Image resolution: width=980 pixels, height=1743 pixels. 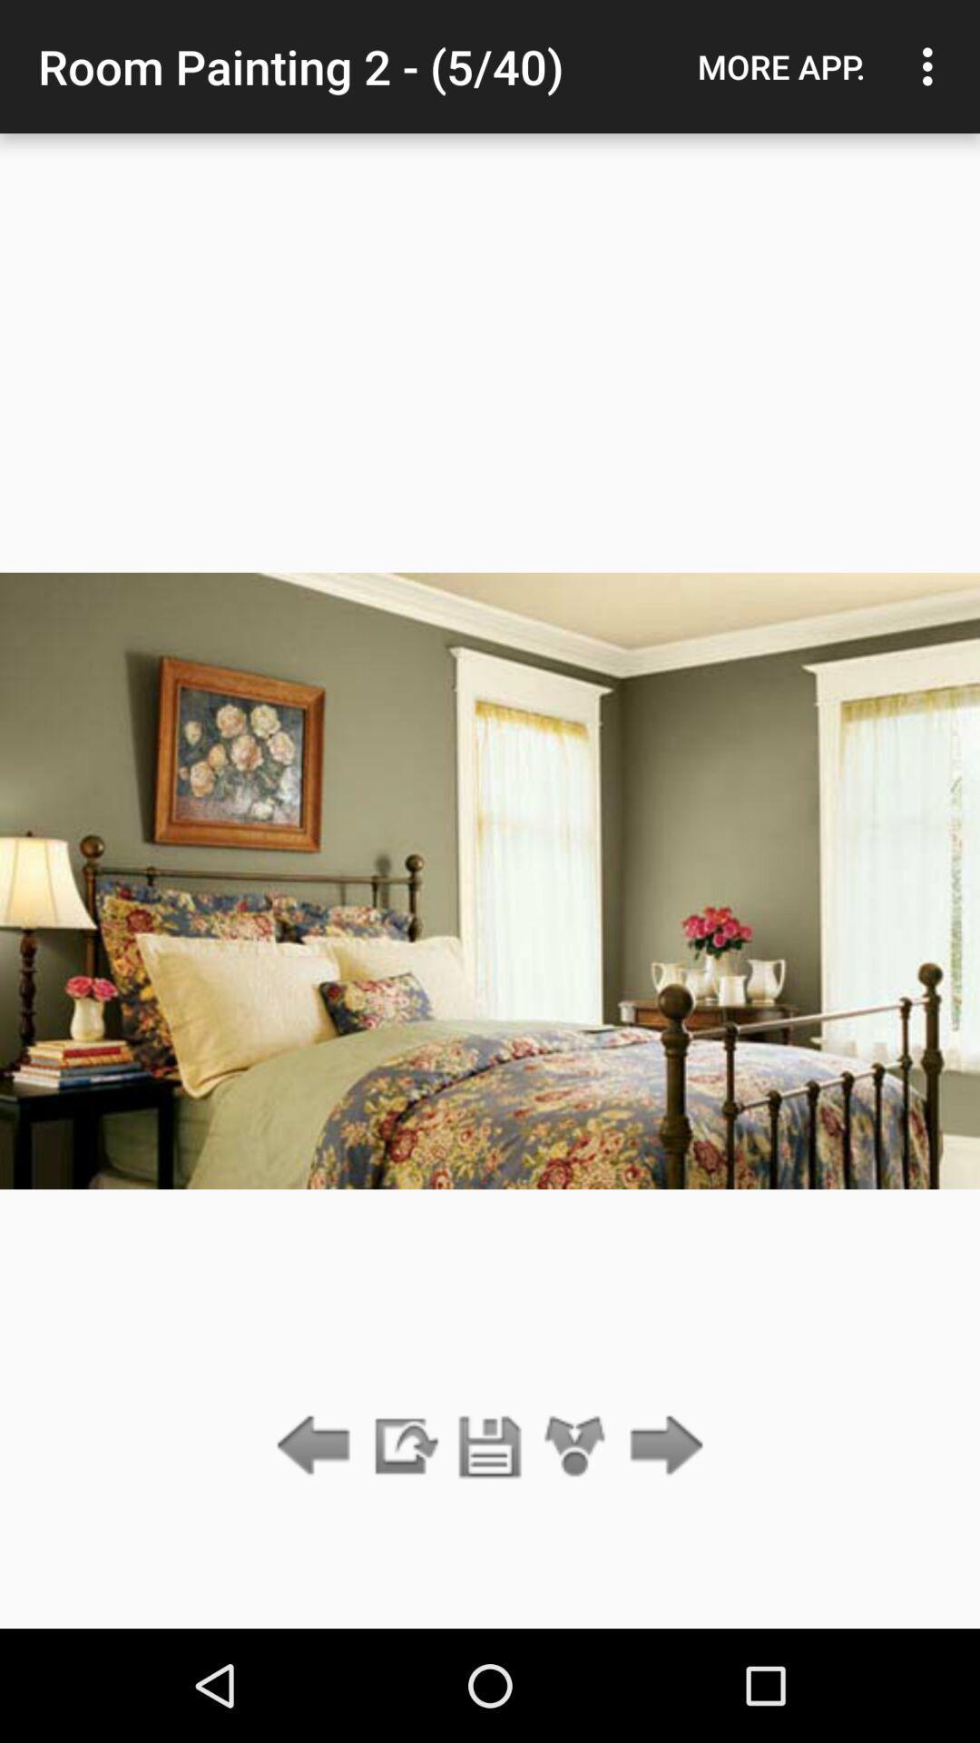 What do you see at coordinates (490, 1446) in the screenshot?
I see `the save icon` at bounding box center [490, 1446].